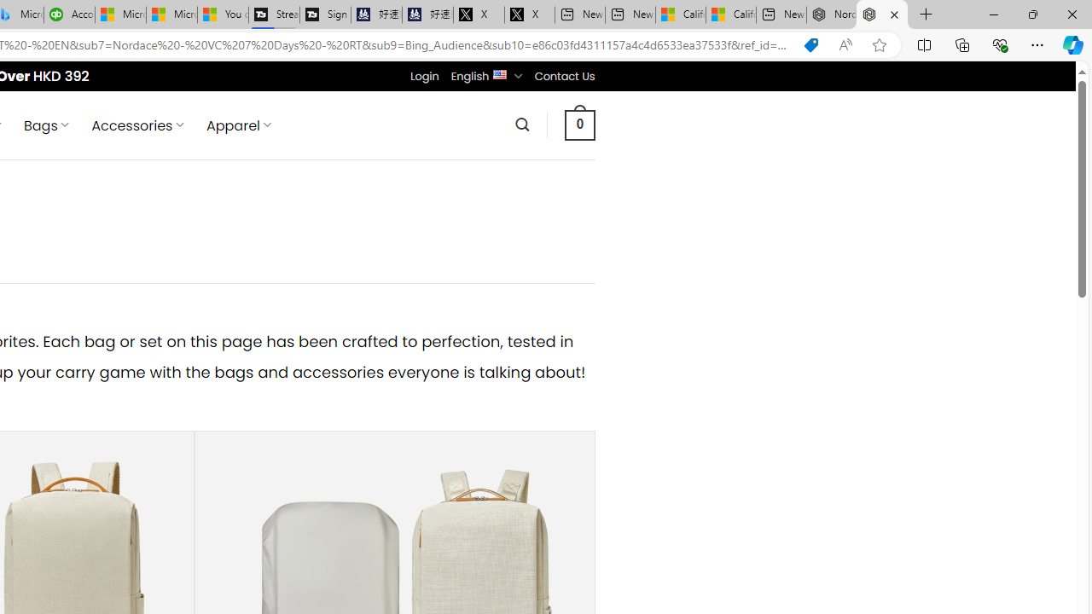 This screenshot has width=1092, height=614. I want to click on 'English', so click(499, 72).